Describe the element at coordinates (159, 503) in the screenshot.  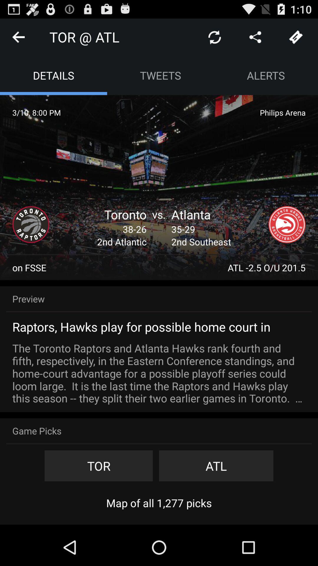
I see `the map of all icon` at that location.